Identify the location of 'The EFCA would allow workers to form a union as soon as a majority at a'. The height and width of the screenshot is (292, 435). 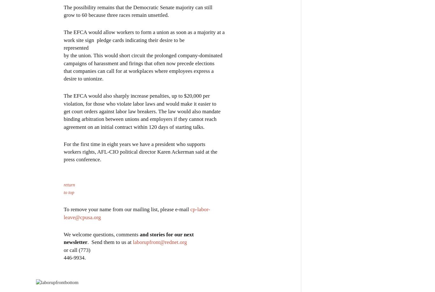
(144, 31).